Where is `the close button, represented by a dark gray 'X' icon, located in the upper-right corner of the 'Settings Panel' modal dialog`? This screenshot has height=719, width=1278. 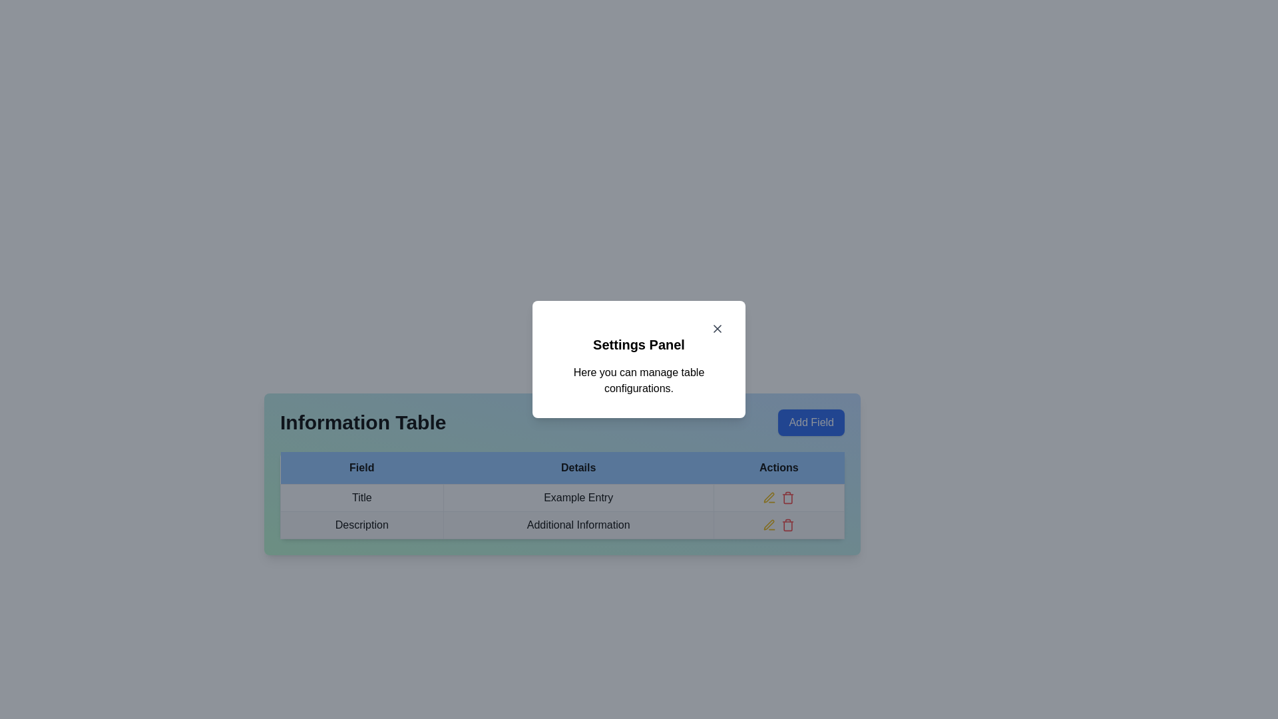 the close button, represented by a dark gray 'X' icon, located in the upper-right corner of the 'Settings Panel' modal dialog is located at coordinates (717, 328).